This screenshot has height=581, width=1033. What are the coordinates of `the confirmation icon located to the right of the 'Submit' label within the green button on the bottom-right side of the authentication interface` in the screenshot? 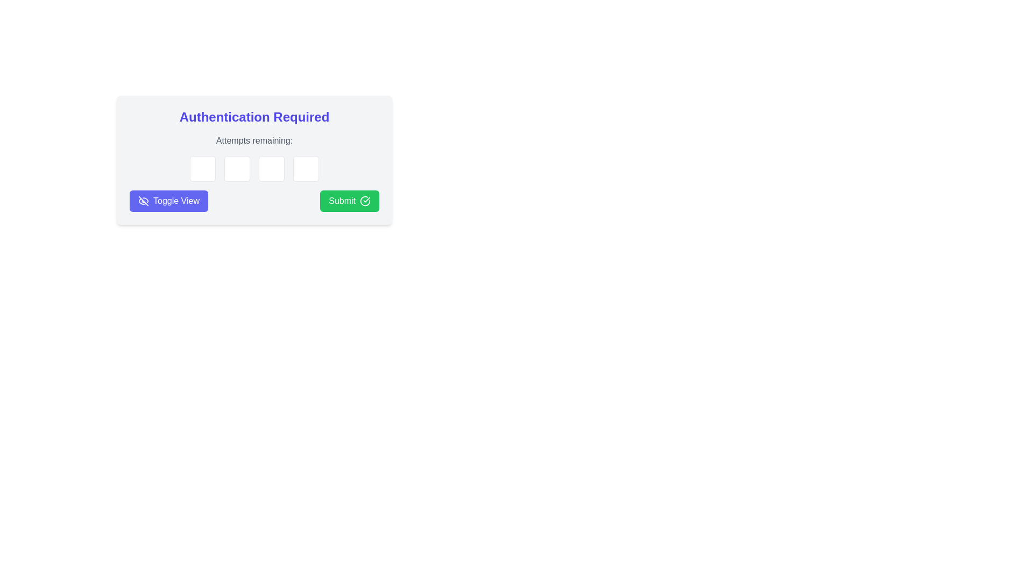 It's located at (365, 201).